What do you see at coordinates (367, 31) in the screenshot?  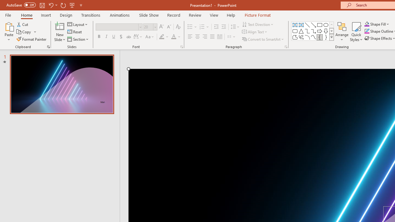 I see `'Shape Outline Blue, Accent 1'` at bounding box center [367, 31].